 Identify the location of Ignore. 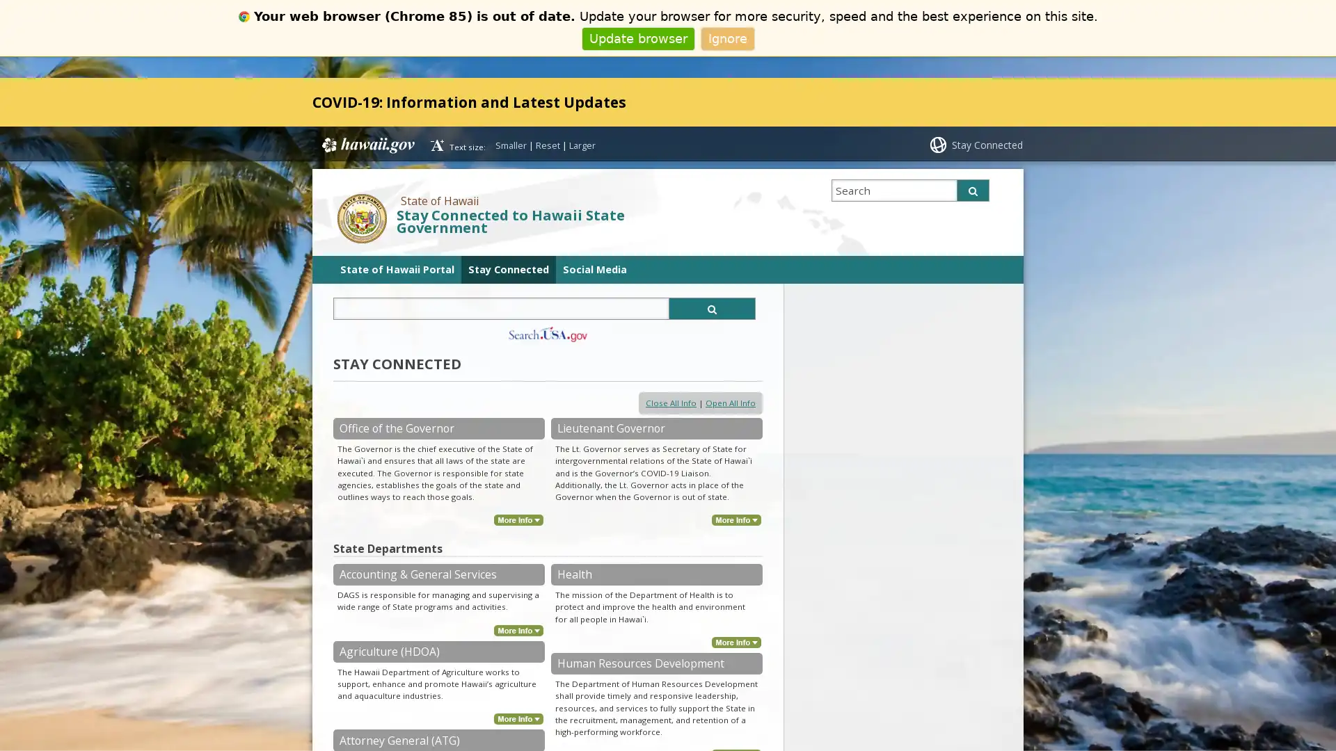
(726, 38).